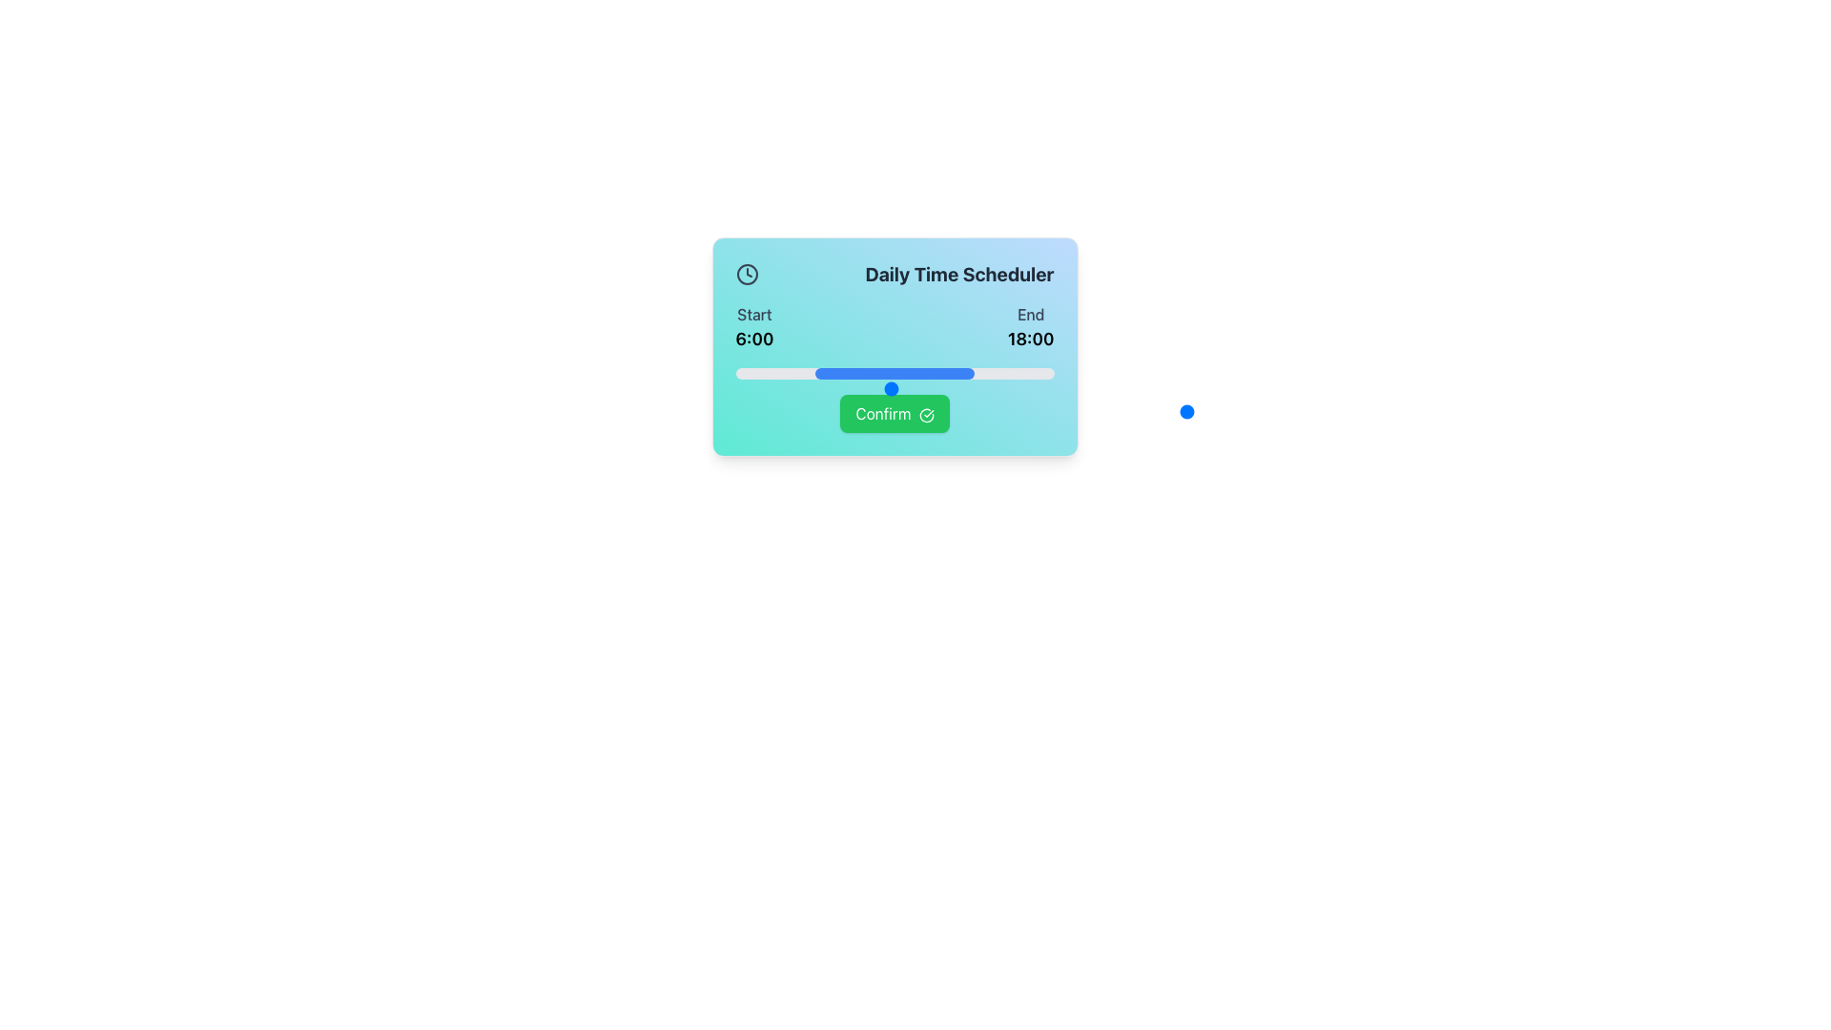  What do you see at coordinates (1030, 314) in the screenshot?
I see `text label indicating the ending time for the scheduling interface, which is positioned above the text '18:00' in the upper-right quarter of the main blue-tinted card labeled 'Daily Time Scheduler'` at bounding box center [1030, 314].